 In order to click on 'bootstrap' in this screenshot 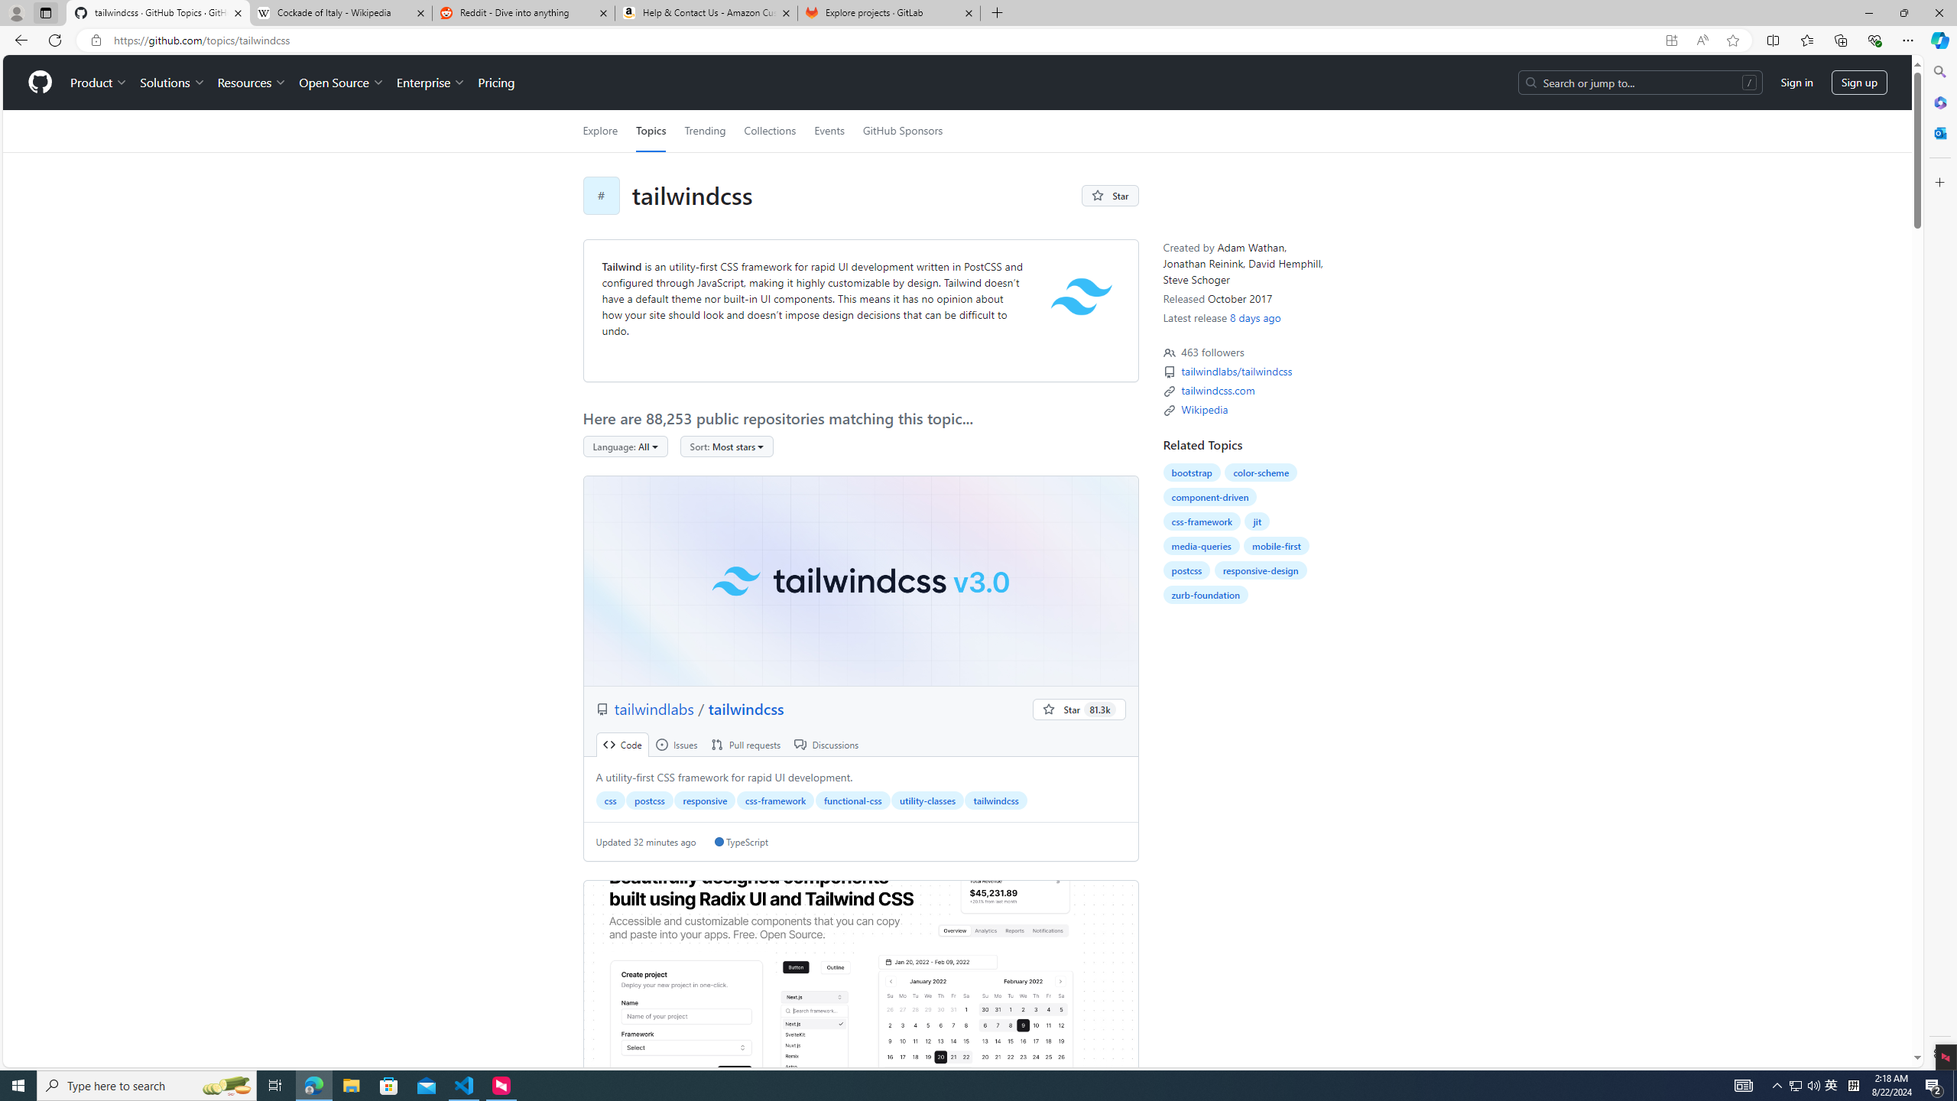, I will do `click(1191, 472)`.